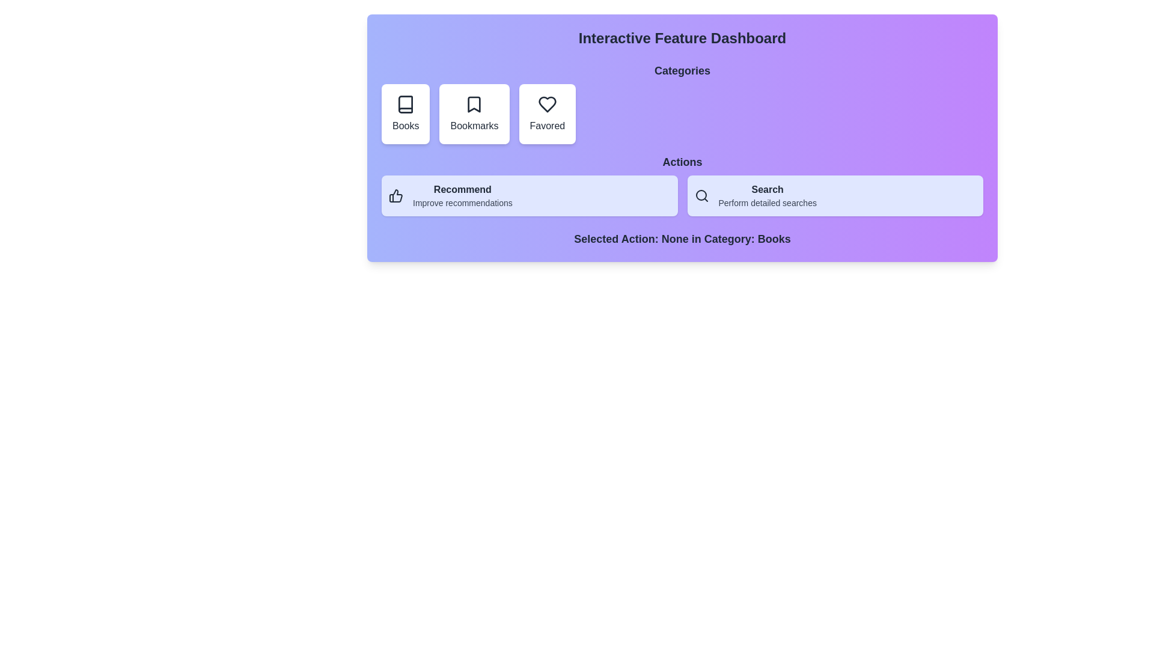  What do you see at coordinates (767, 203) in the screenshot?
I see `the text label providing context related to the 'Search' functionality, which is positioned beneath the 'Search' label in the 'Actions' section of the dashboard interface` at bounding box center [767, 203].